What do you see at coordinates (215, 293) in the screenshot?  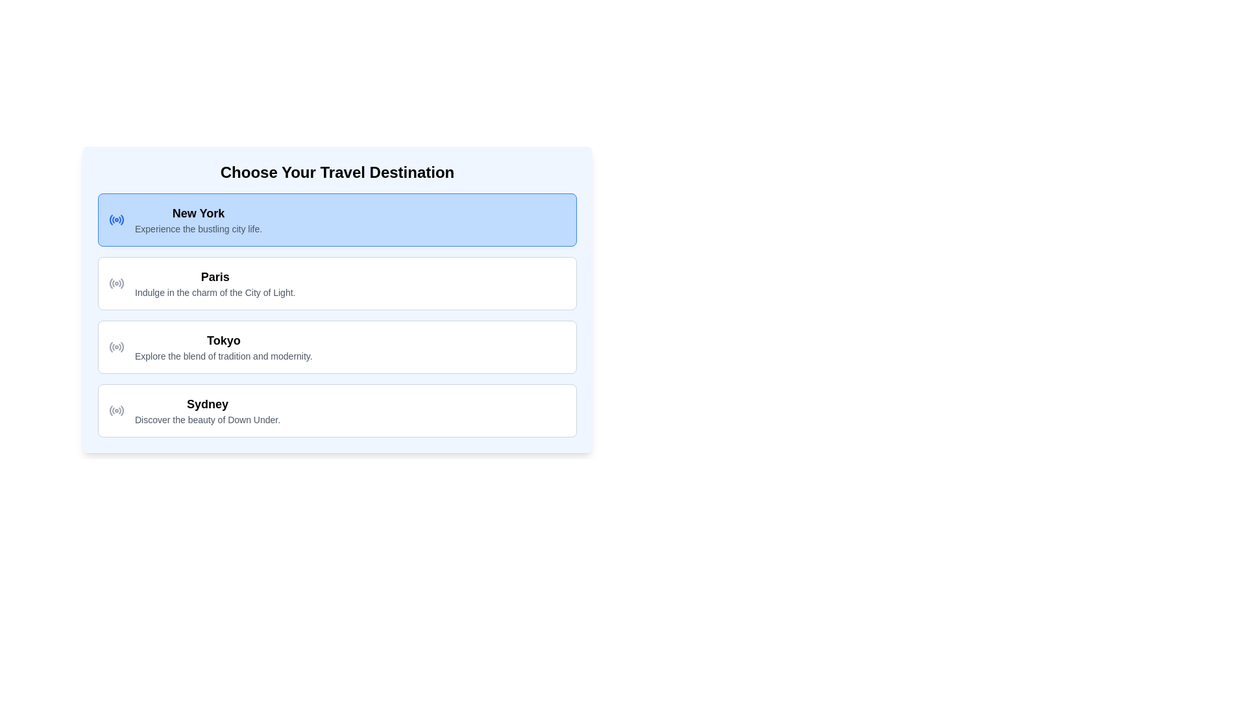 I see `the descriptive text reading 'Indulge in the charm of the City of Light.', which is styled in small light gray font beneath the title 'Paris'` at bounding box center [215, 293].